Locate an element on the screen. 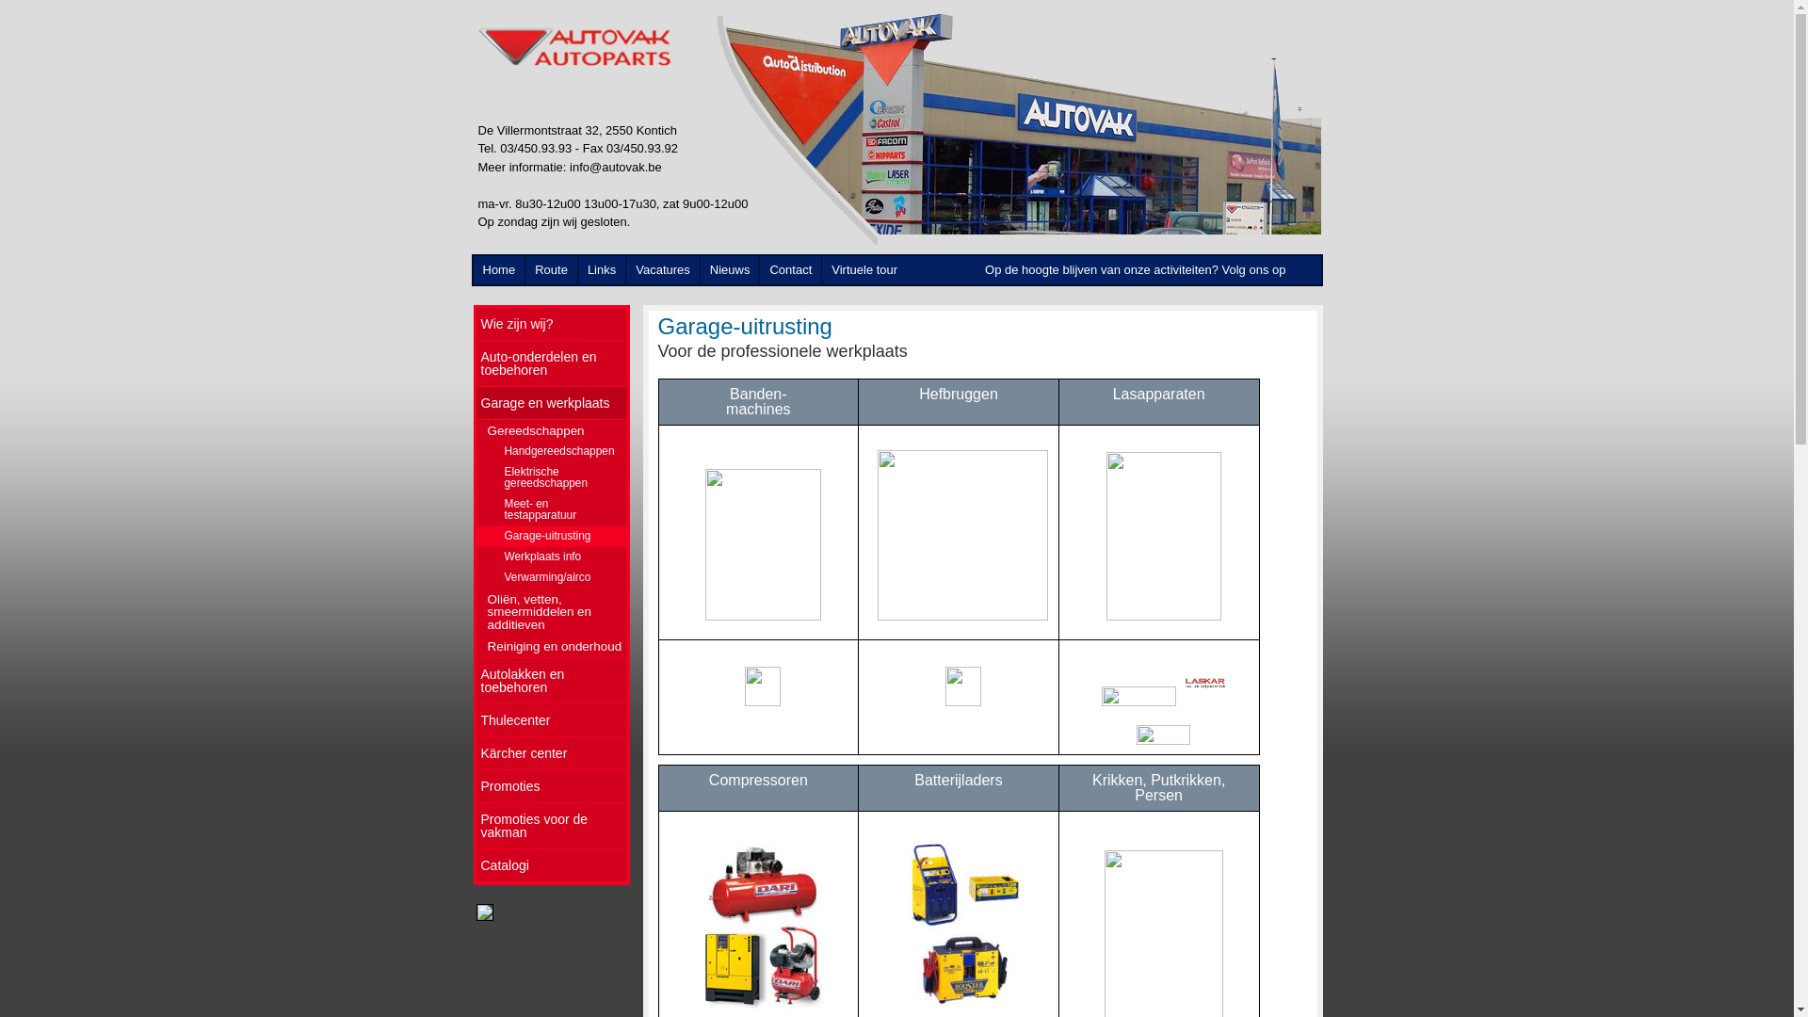 This screenshot has height=1017, width=1808. 'Promoties' is located at coordinates (550, 786).